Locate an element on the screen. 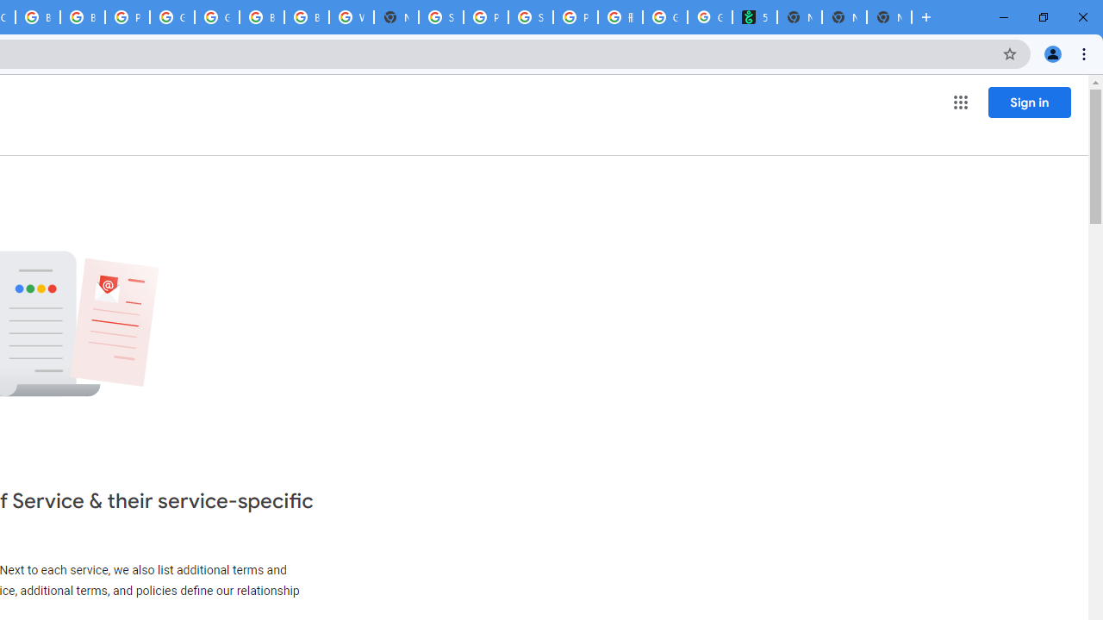  'Google apps' is located at coordinates (959, 102).